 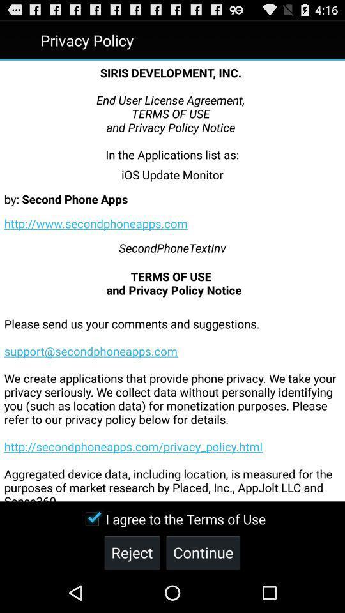 What do you see at coordinates (172, 398) in the screenshot?
I see `please send us icon` at bounding box center [172, 398].